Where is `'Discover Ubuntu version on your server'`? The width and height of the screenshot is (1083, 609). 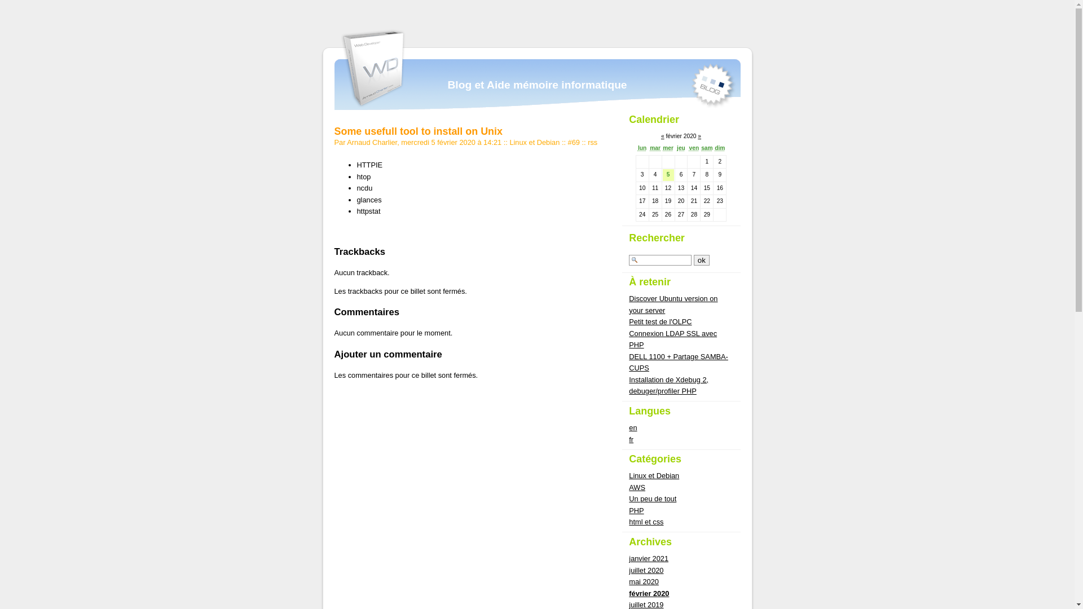 'Discover Ubuntu version on your server' is located at coordinates (673, 303).